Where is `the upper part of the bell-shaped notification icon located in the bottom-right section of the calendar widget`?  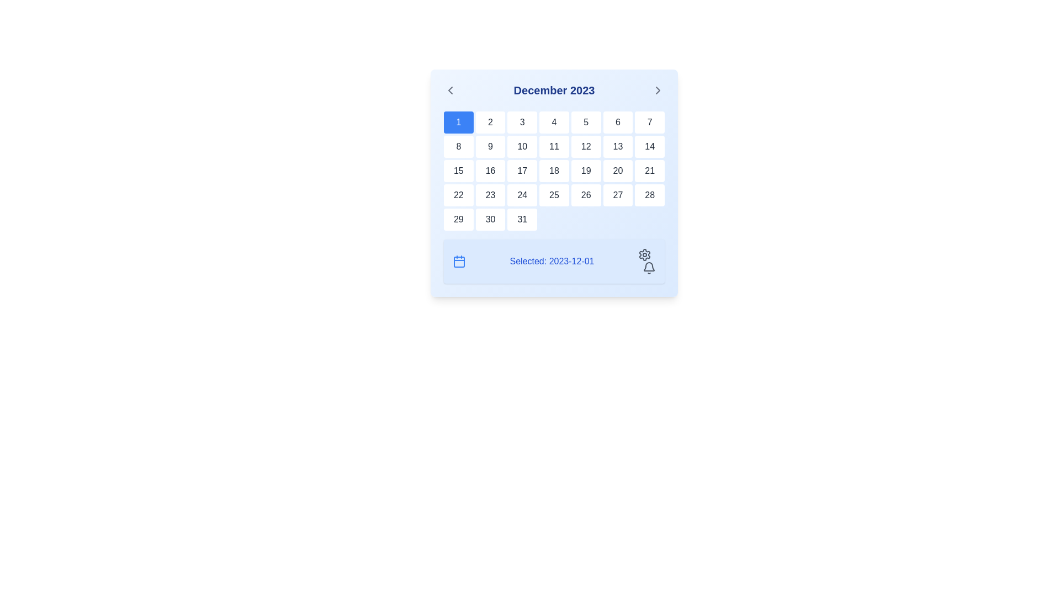 the upper part of the bell-shaped notification icon located in the bottom-right section of the calendar widget is located at coordinates (649, 267).